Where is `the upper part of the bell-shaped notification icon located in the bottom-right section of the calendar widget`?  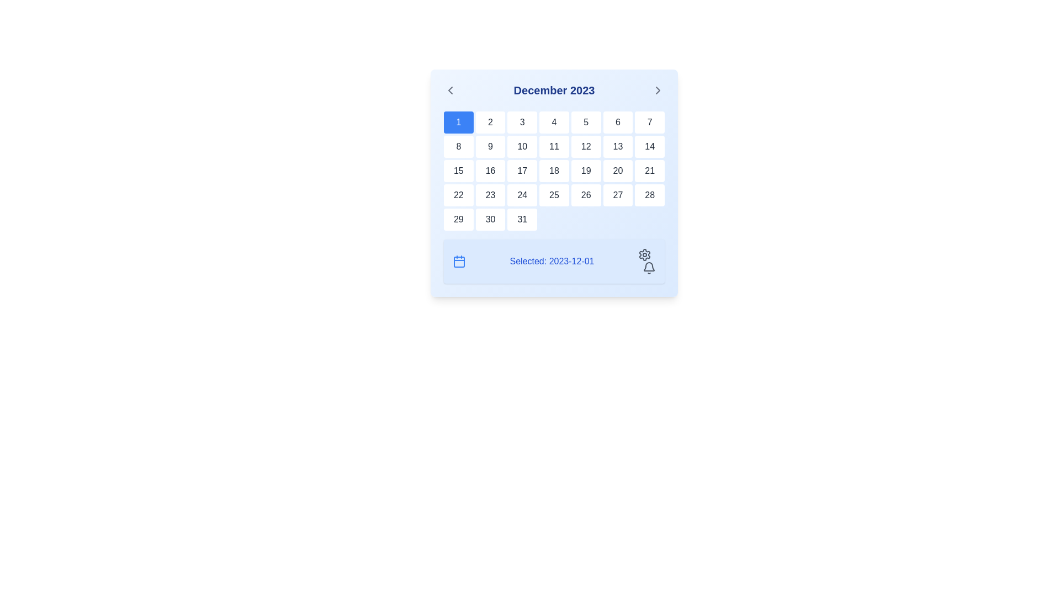 the upper part of the bell-shaped notification icon located in the bottom-right section of the calendar widget is located at coordinates (649, 267).